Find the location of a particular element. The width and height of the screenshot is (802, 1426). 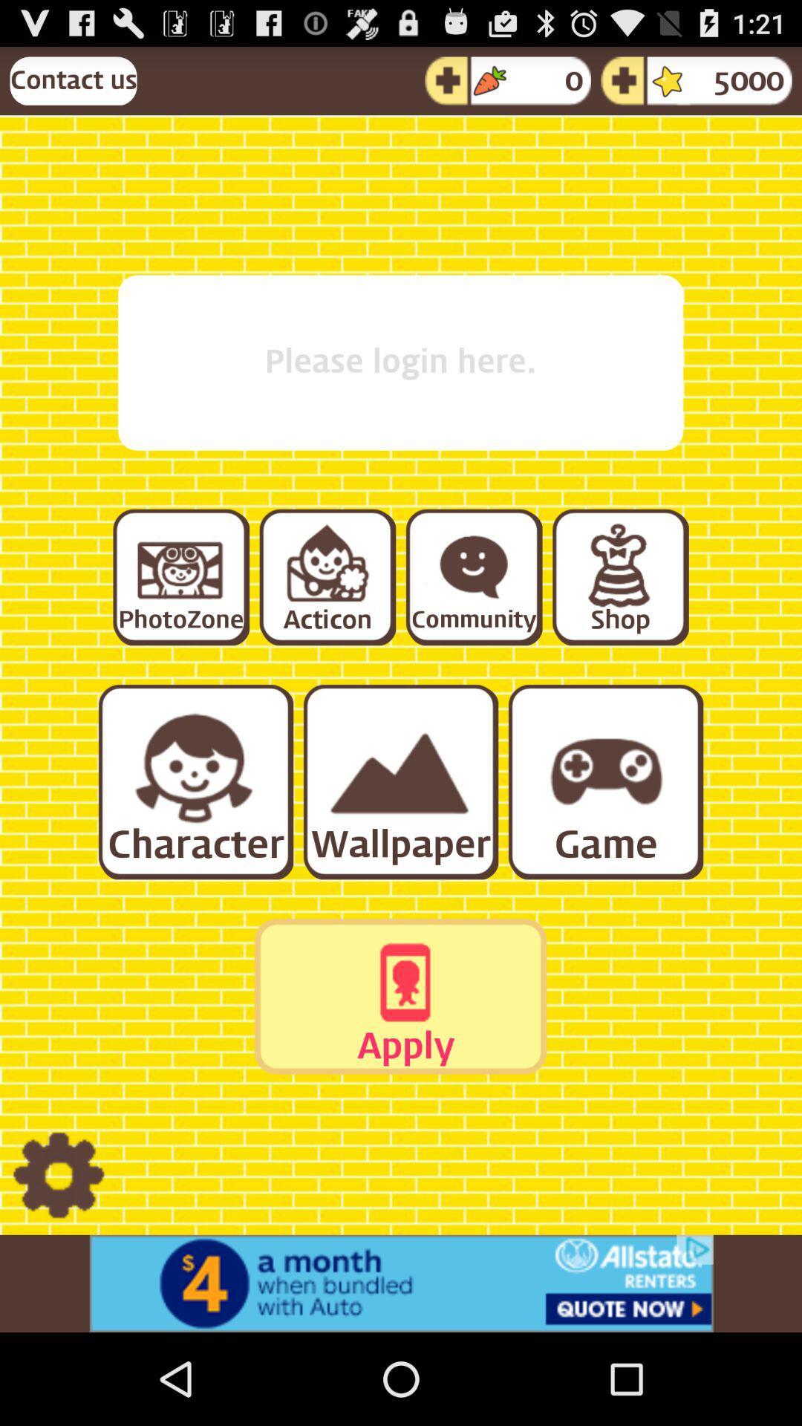

advertisement is located at coordinates (401, 1283).